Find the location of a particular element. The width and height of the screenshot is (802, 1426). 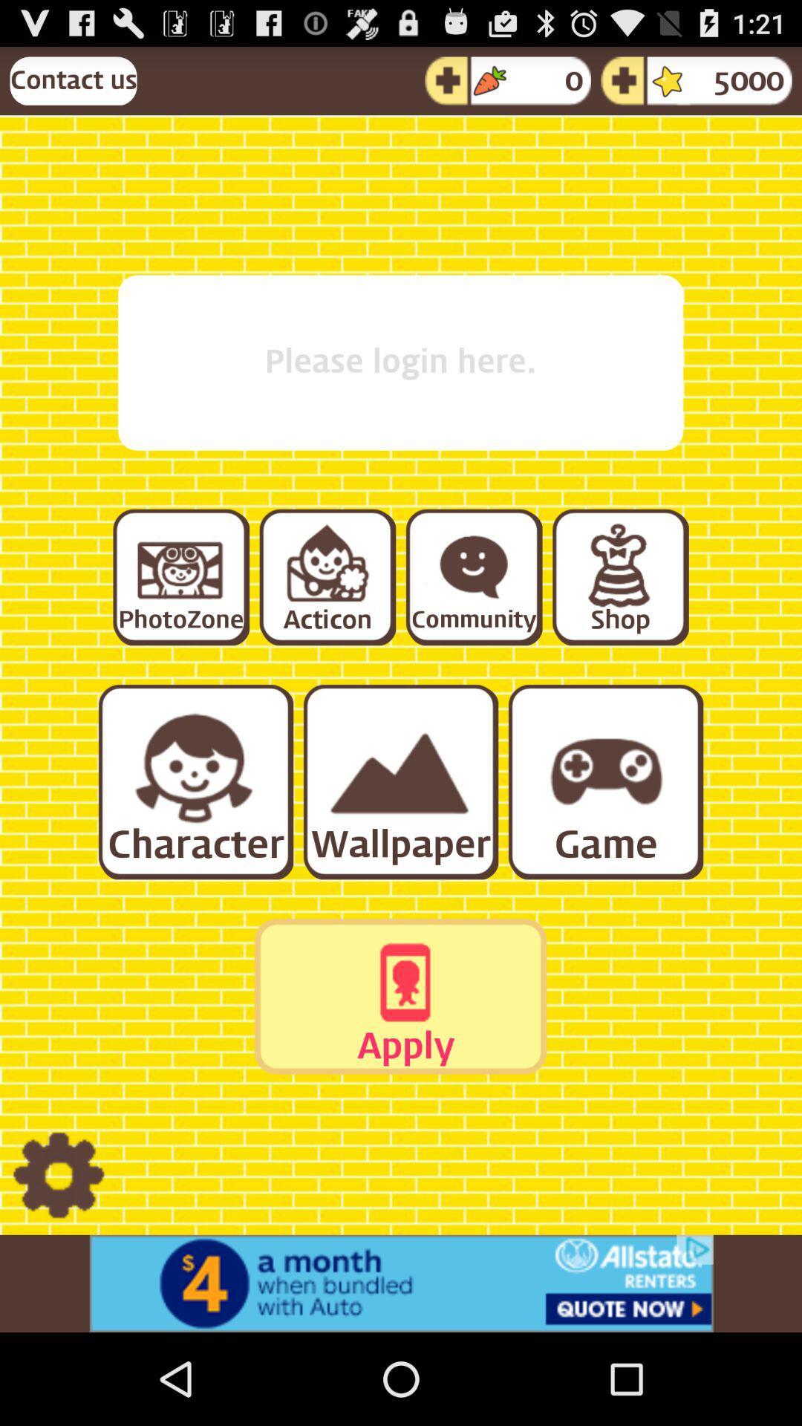

advertisement is located at coordinates (401, 1283).